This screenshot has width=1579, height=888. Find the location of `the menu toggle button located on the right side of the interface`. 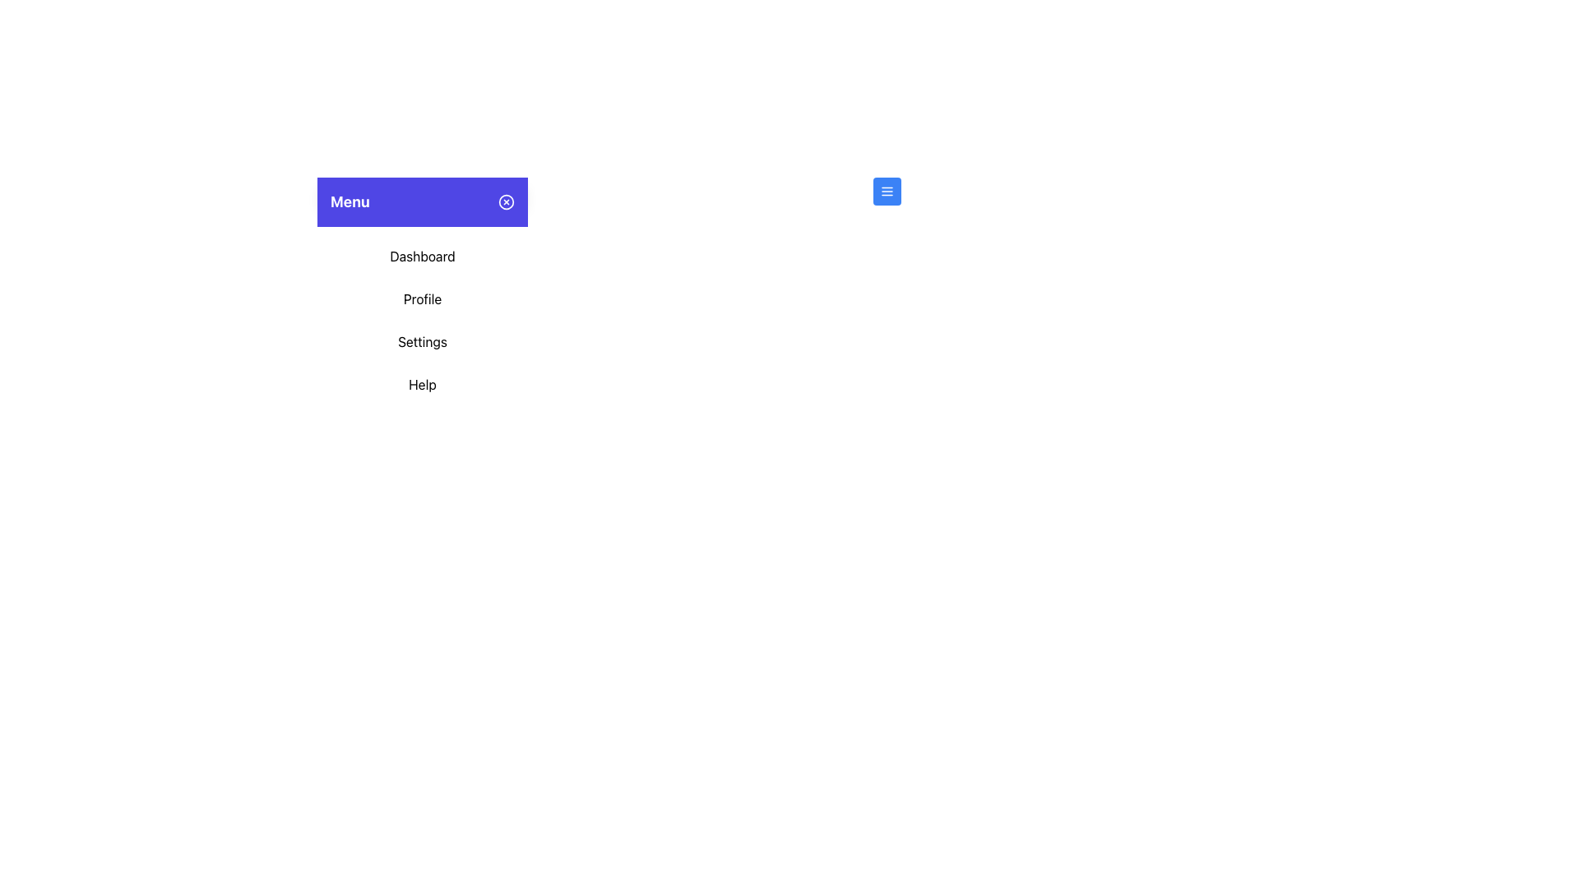

the menu toggle button located on the right side of the interface is located at coordinates (886, 190).